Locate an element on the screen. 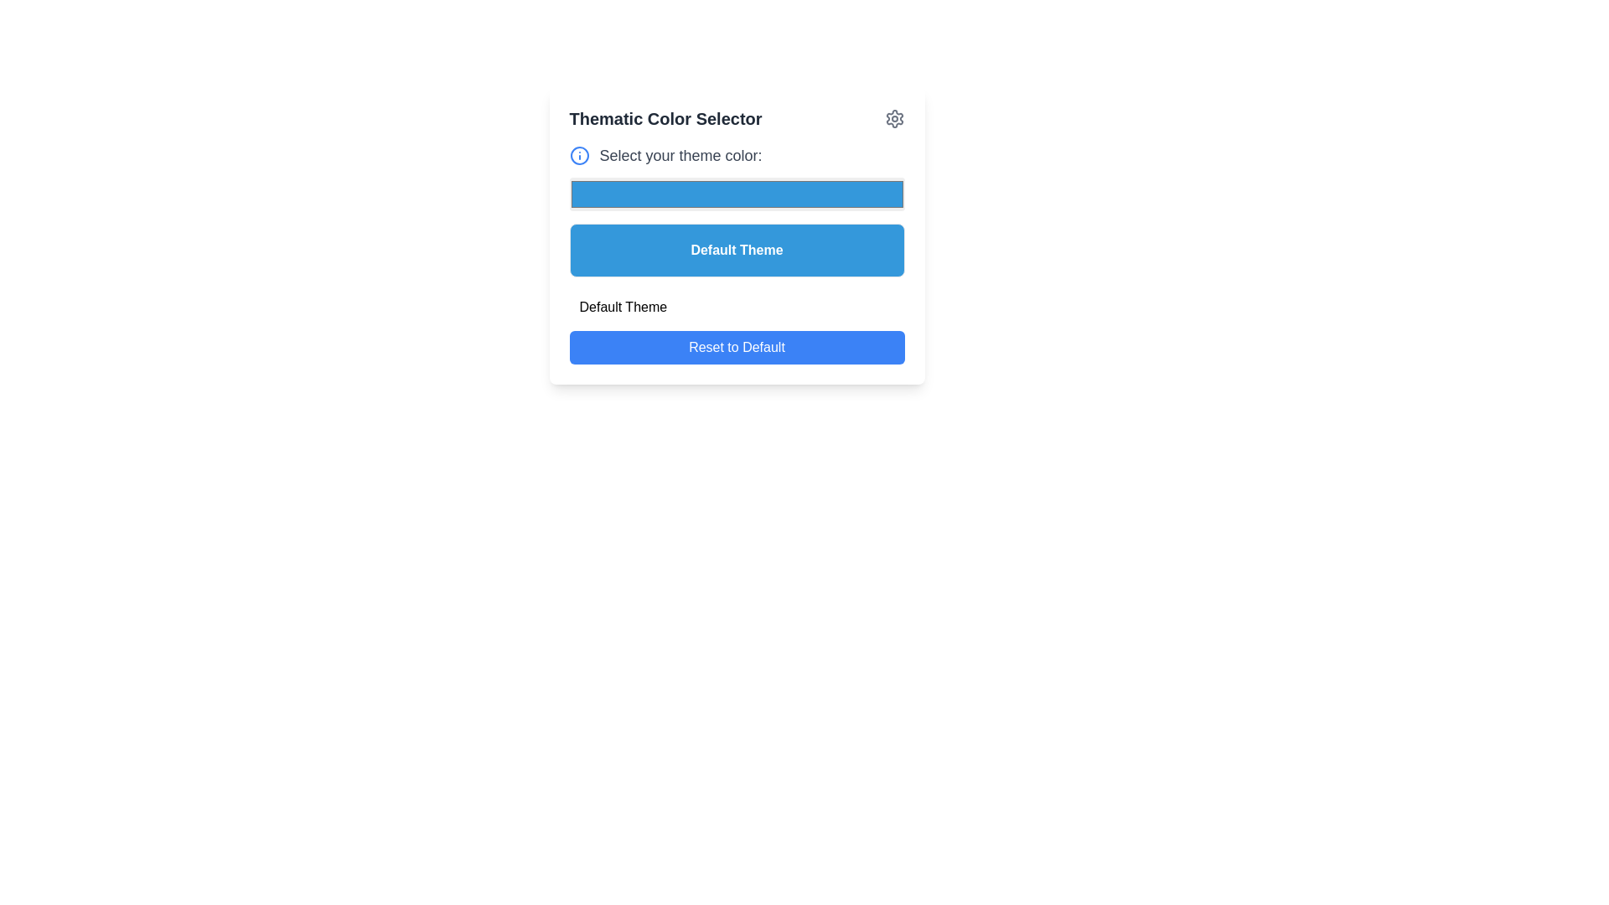 The height and width of the screenshot is (905, 1609). the 'Default Theme' button, which is a rectangular button with a blue background and white text, located centrally below the color selection input field is located at coordinates (737, 235).